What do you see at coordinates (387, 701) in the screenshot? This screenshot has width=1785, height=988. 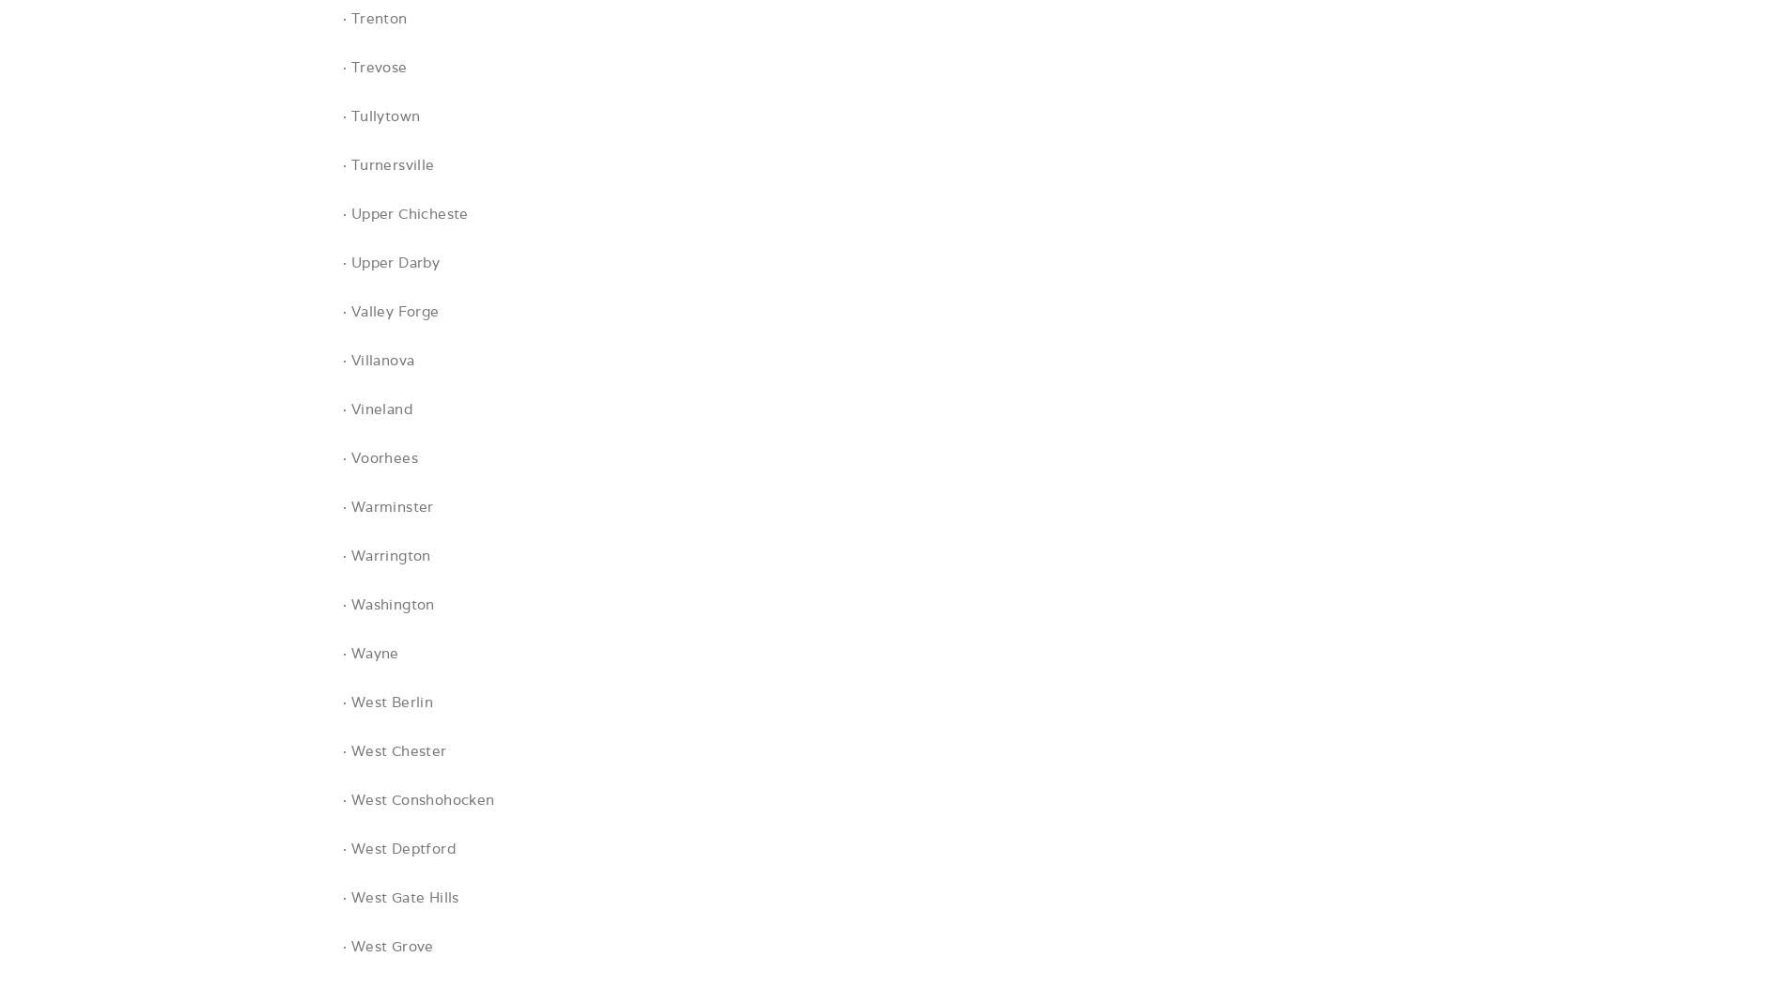 I see `'· West Berlin'` at bounding box center [387, 701].